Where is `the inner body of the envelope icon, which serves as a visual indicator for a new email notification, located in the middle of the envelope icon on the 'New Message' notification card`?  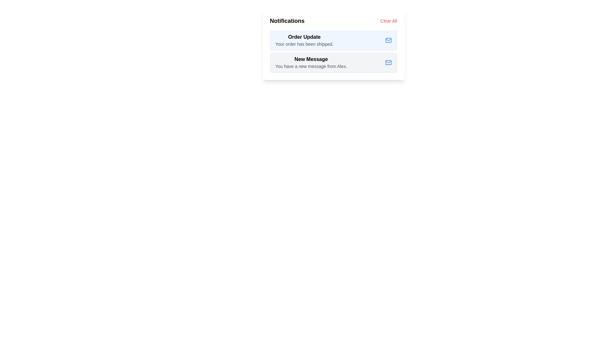
the inner body of the envelope icon, which serves as a visual indicator for a new email notification, located in the middle of the envelope icon on the 'New Message' notification card is located at coordinates (388, 62).